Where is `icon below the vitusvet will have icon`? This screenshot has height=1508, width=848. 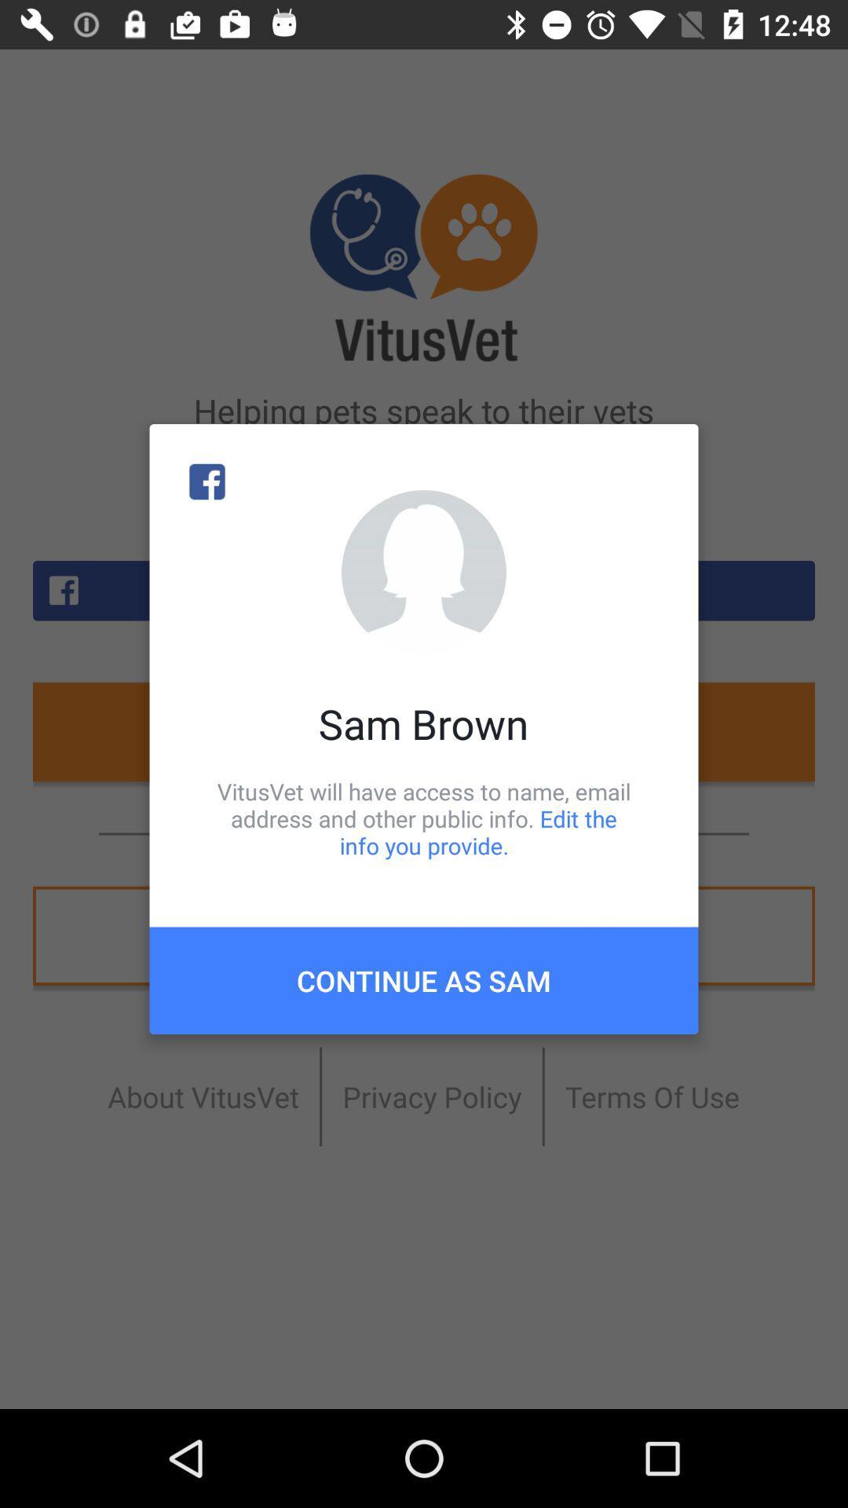 icon below the vitusvet will have icon is located at coordinates (424, 979).